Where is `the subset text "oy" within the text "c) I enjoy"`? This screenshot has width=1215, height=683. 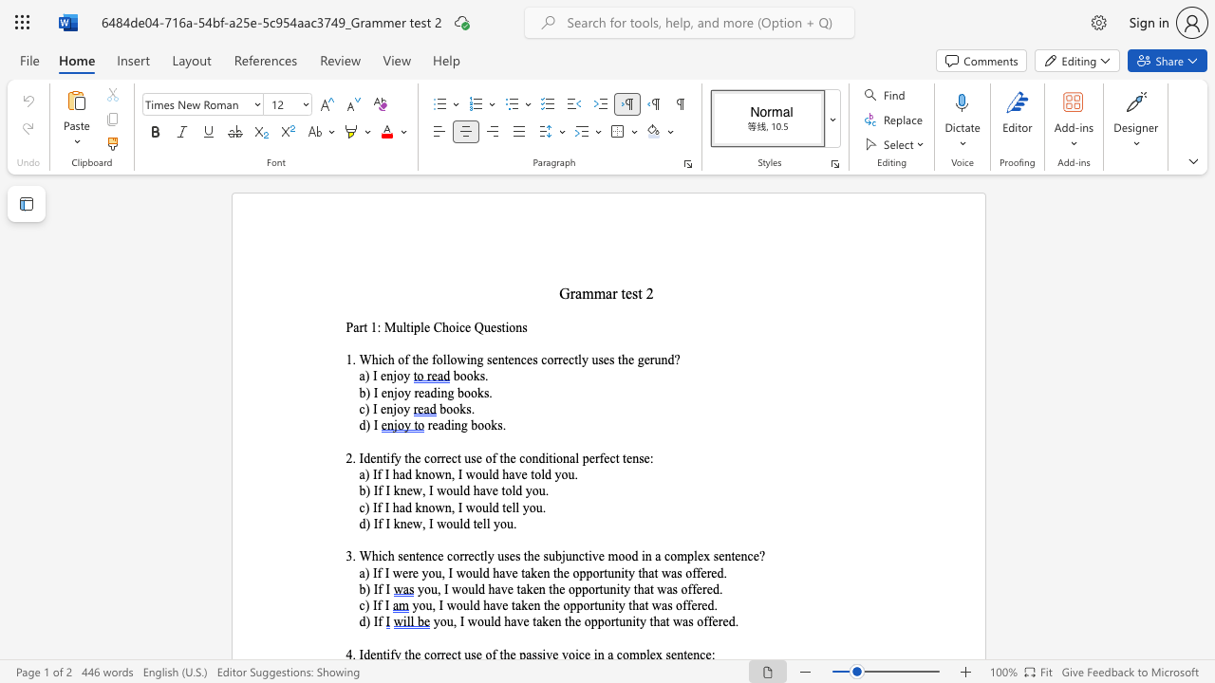 the subset text "oy" within the text "c) I enjoy" is located at coordinates (396, 408).